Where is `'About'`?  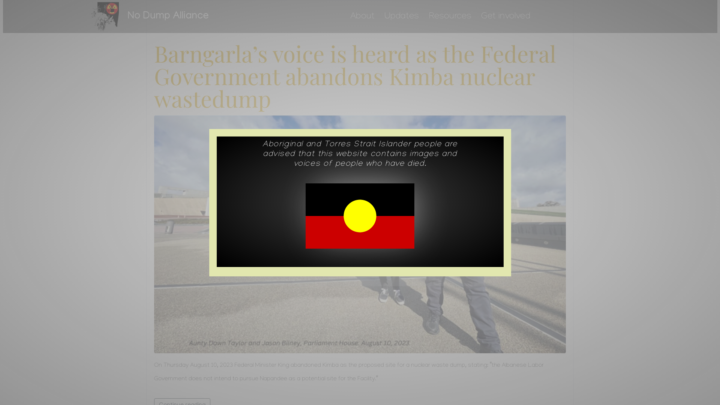
'About' is located at coordinates (362, 17).